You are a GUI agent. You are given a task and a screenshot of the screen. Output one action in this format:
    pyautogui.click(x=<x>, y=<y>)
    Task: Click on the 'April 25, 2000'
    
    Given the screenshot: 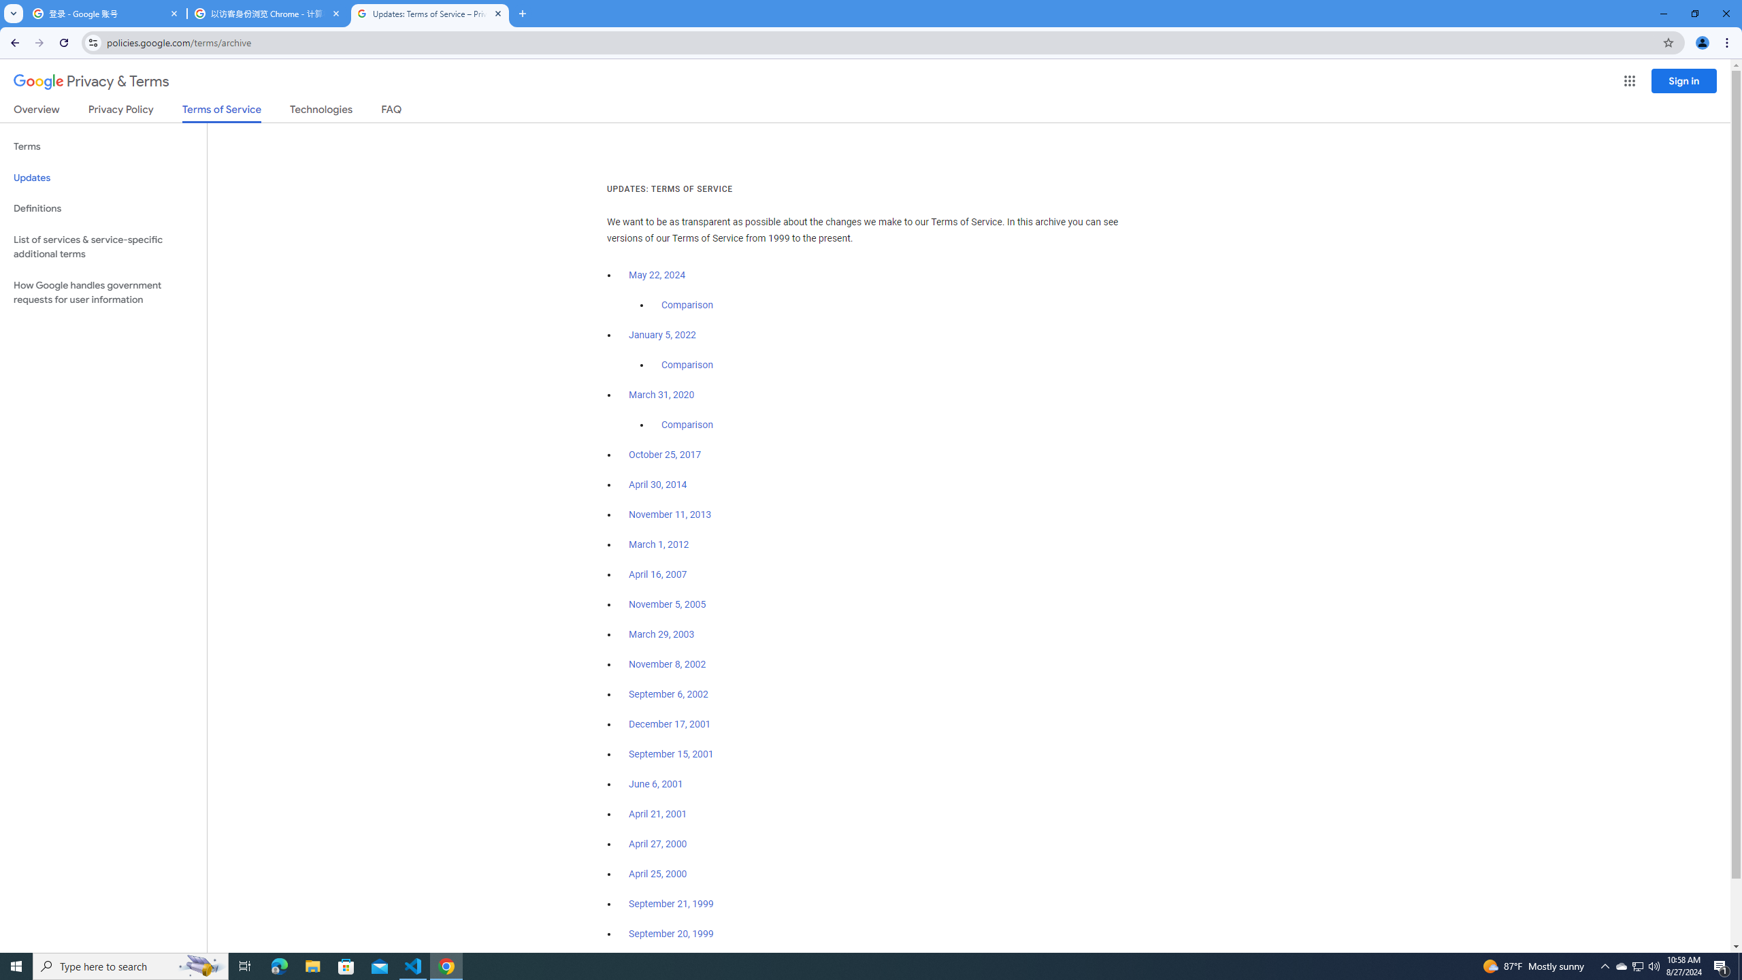 What is the action you would take?
    pyautogui.click(x=657, y=872)
    